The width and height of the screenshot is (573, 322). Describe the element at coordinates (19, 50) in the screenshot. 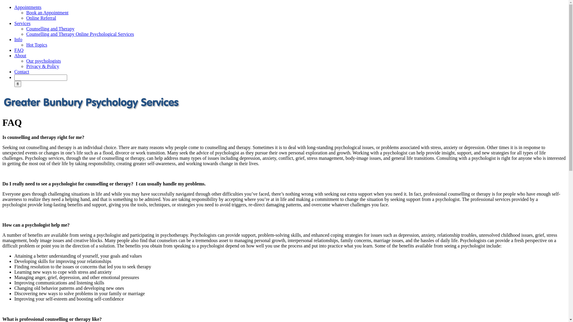

I see `'FAQ'` at that location.